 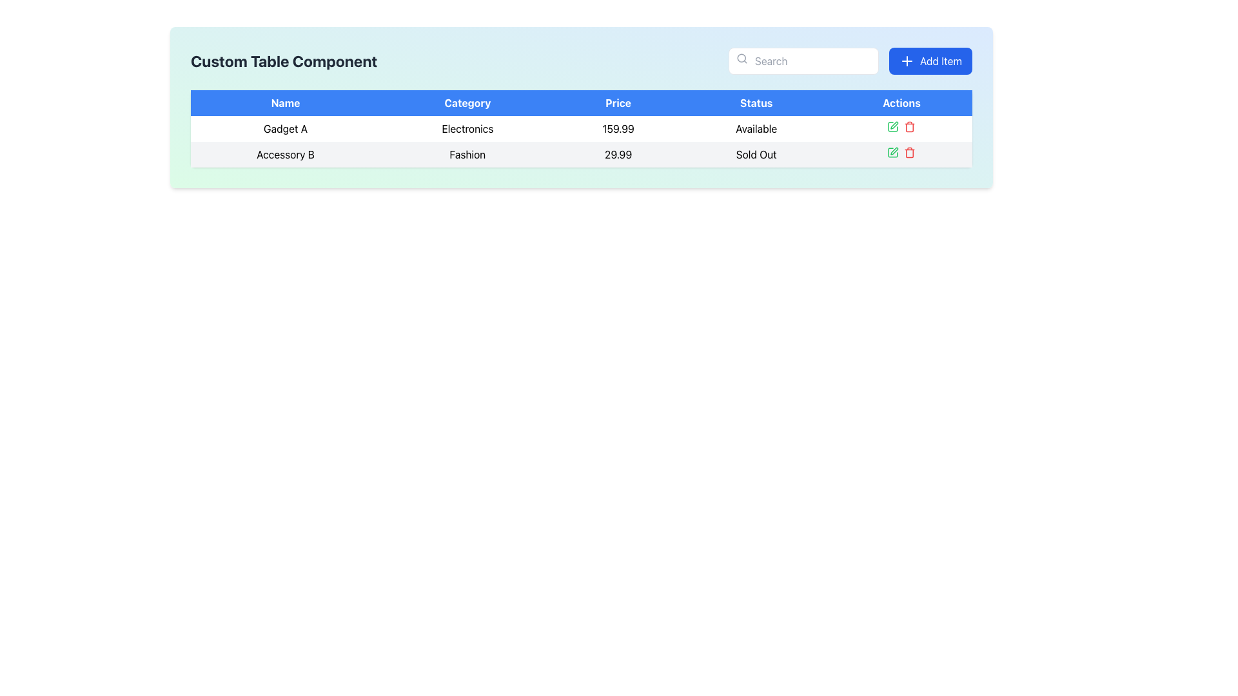 What do you see at coordinates (909, 151) in the screenshot?
I see `the red trash icon in the Actions column associated with 'Accessory B'` at bounding box center [909, 151].